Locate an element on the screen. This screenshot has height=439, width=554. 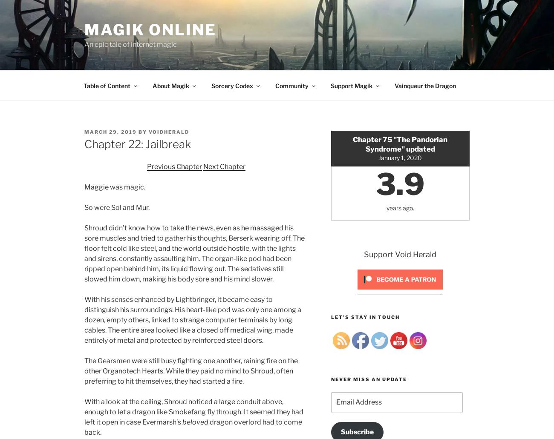
'beloved' is located at coordinates (195, 422).